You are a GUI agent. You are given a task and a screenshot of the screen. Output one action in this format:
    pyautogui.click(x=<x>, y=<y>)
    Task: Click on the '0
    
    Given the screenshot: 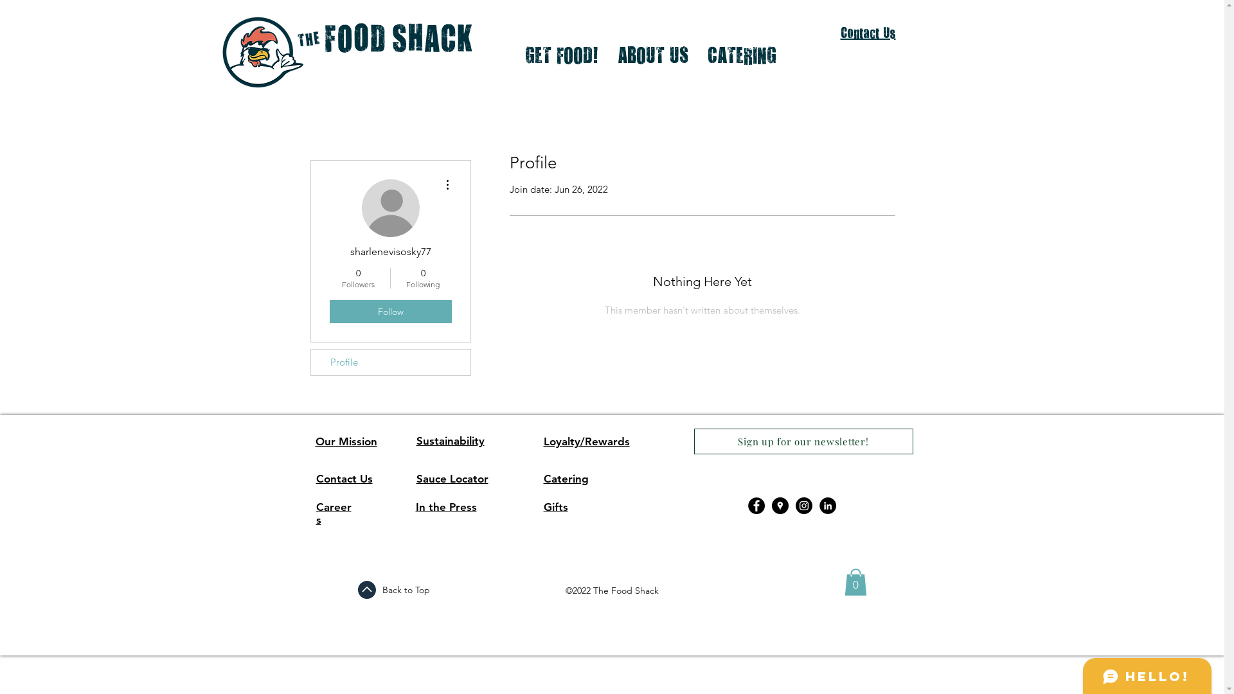 What is the action you would take?
    pyautogui.click(x=423, y=277)
    